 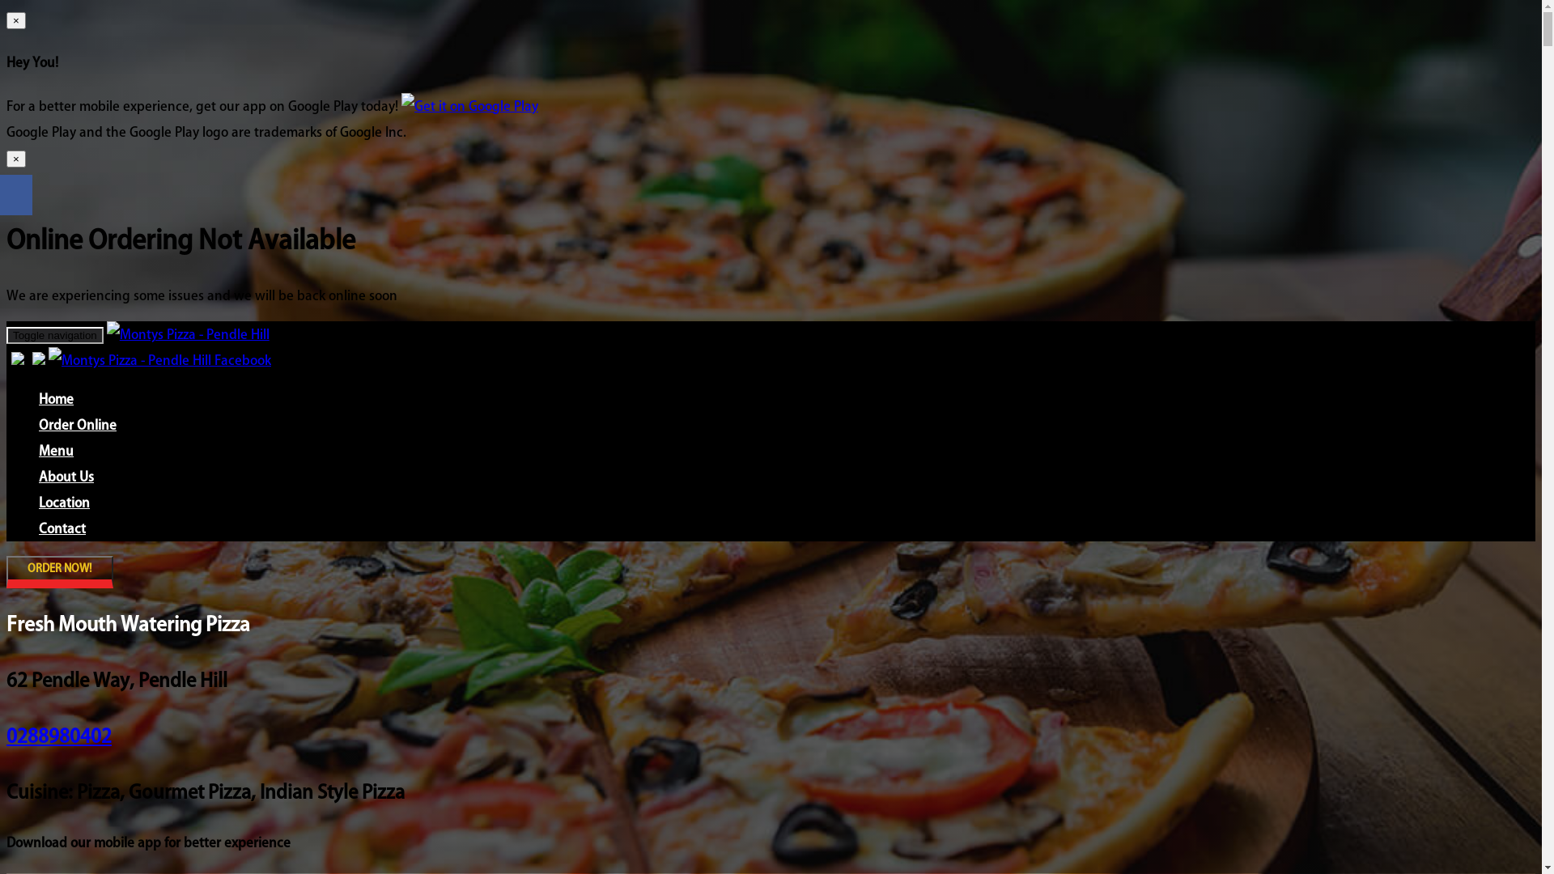 I want to click on 'Home', so click(x=39, y=399).